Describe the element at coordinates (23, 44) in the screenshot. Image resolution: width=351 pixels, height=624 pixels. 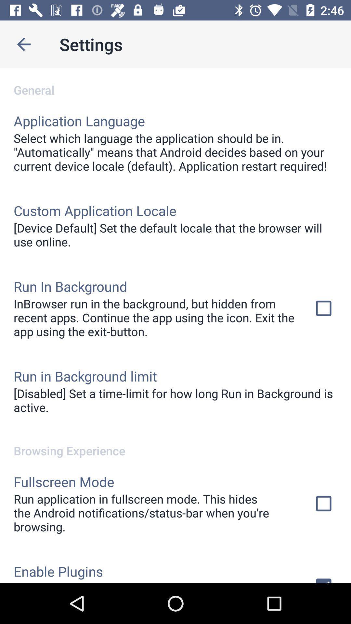
I see `icon next to   settings app` at that location.